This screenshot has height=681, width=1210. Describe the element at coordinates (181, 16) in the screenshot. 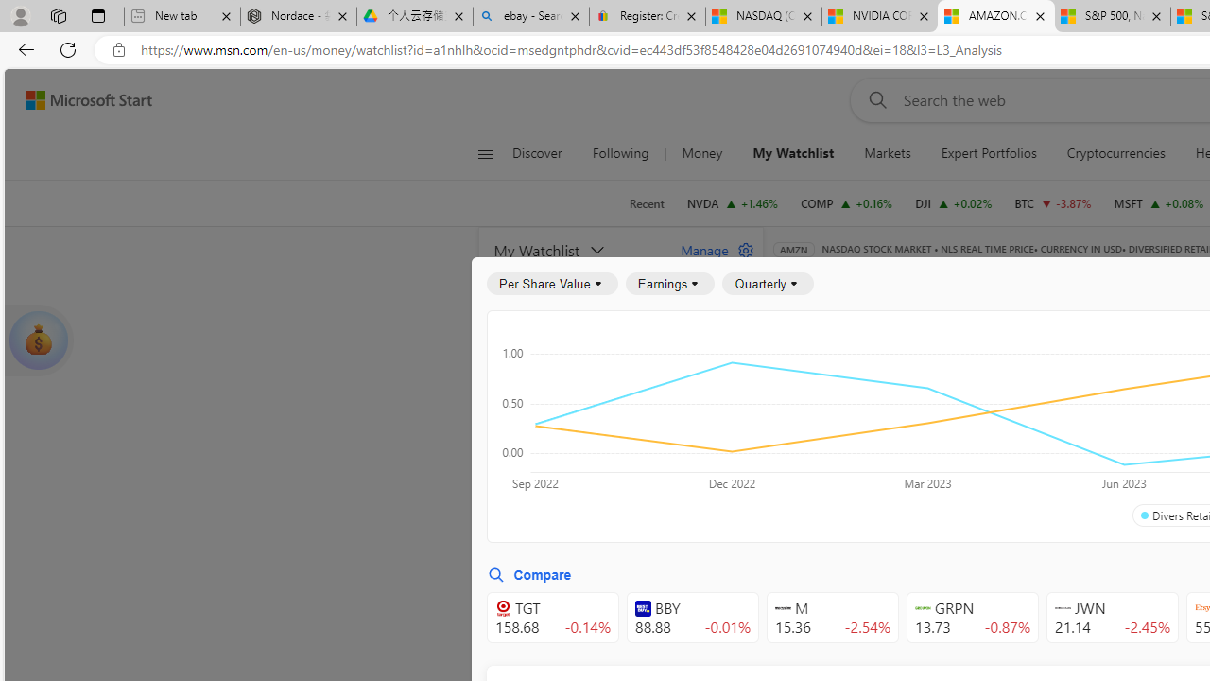

I see `'New tab - Sleeping'` at that location.